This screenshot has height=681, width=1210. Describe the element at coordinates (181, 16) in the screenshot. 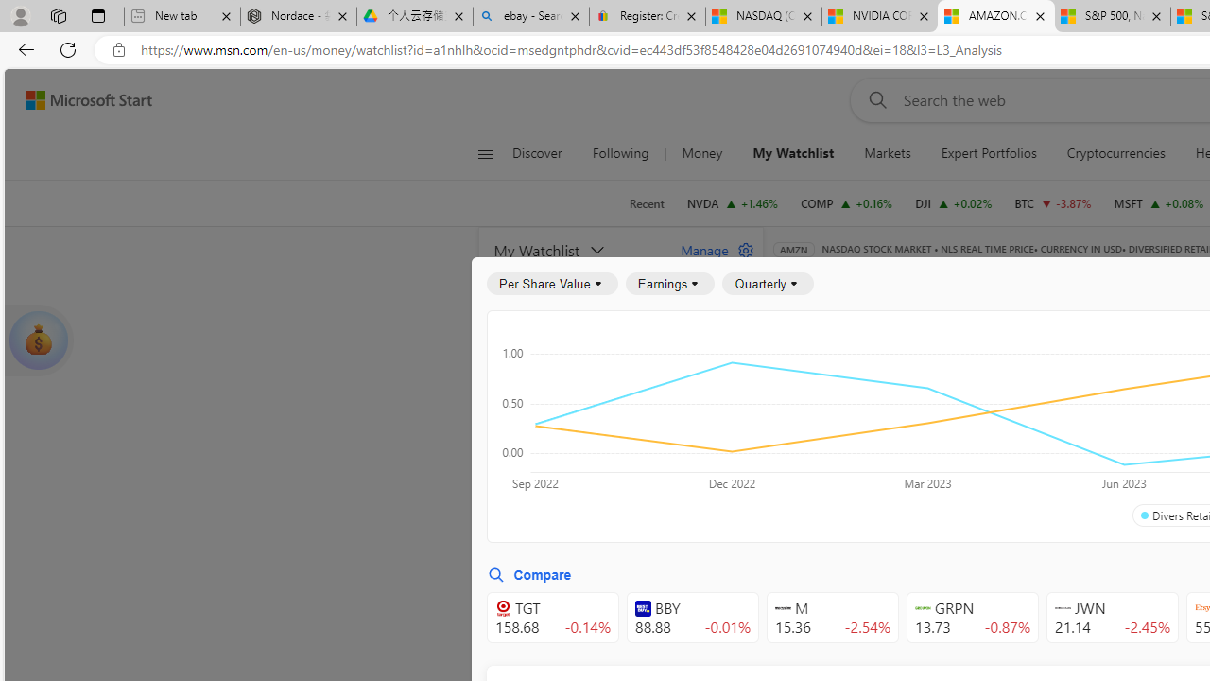

I see `'New tab - Sleeping'` at that location.